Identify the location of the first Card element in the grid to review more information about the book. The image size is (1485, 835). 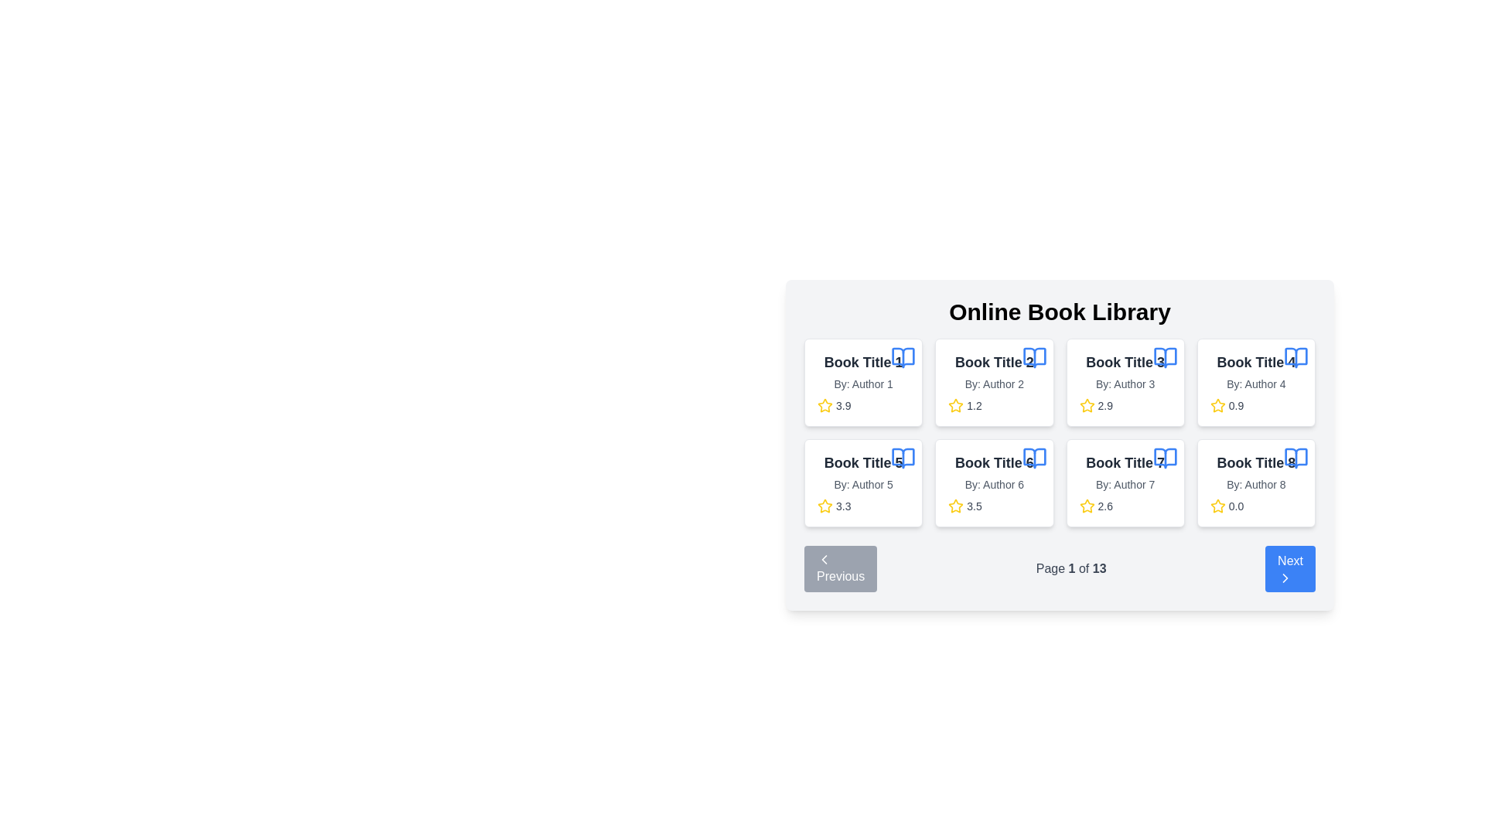
(862, 382).